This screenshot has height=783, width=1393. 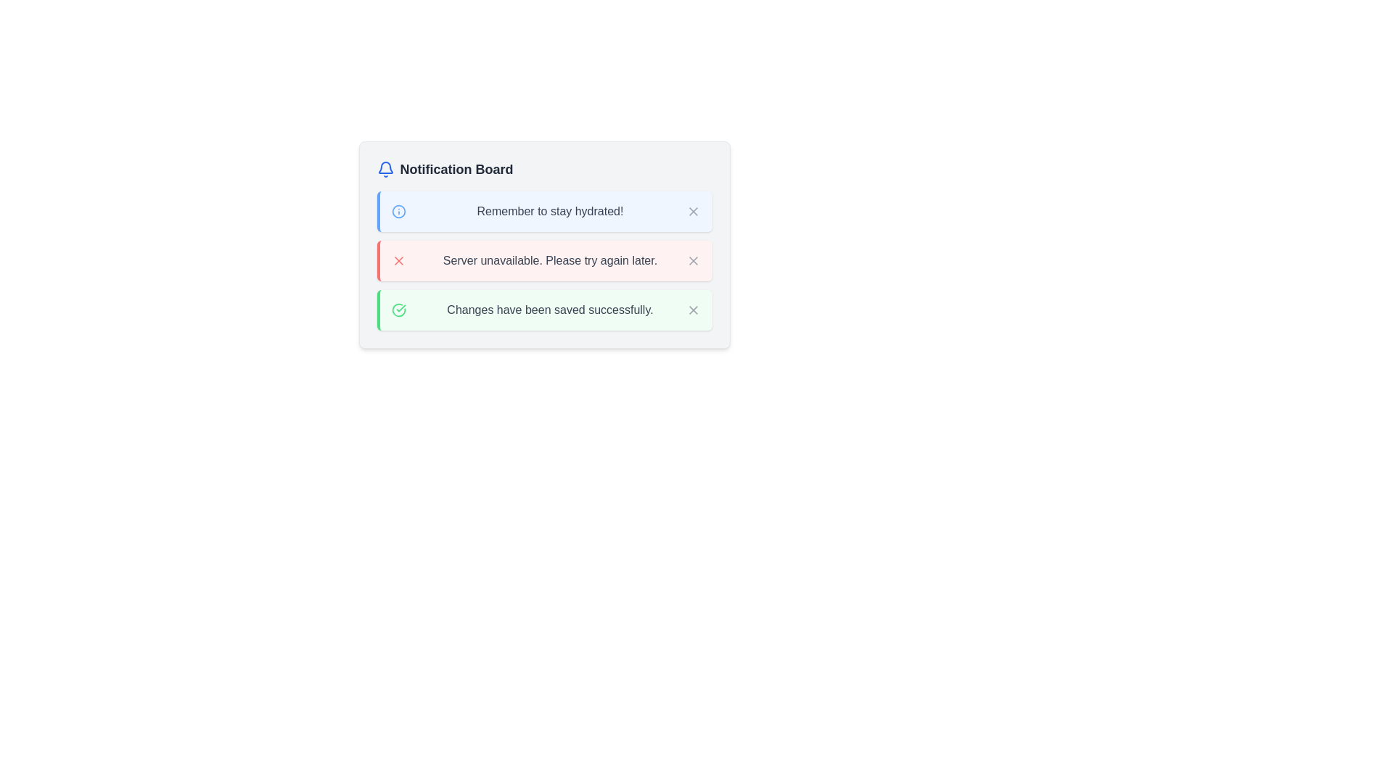 I want to click on the blue notification bell icon located at the top-left corner of the notification board, so click(x=385, y=169).